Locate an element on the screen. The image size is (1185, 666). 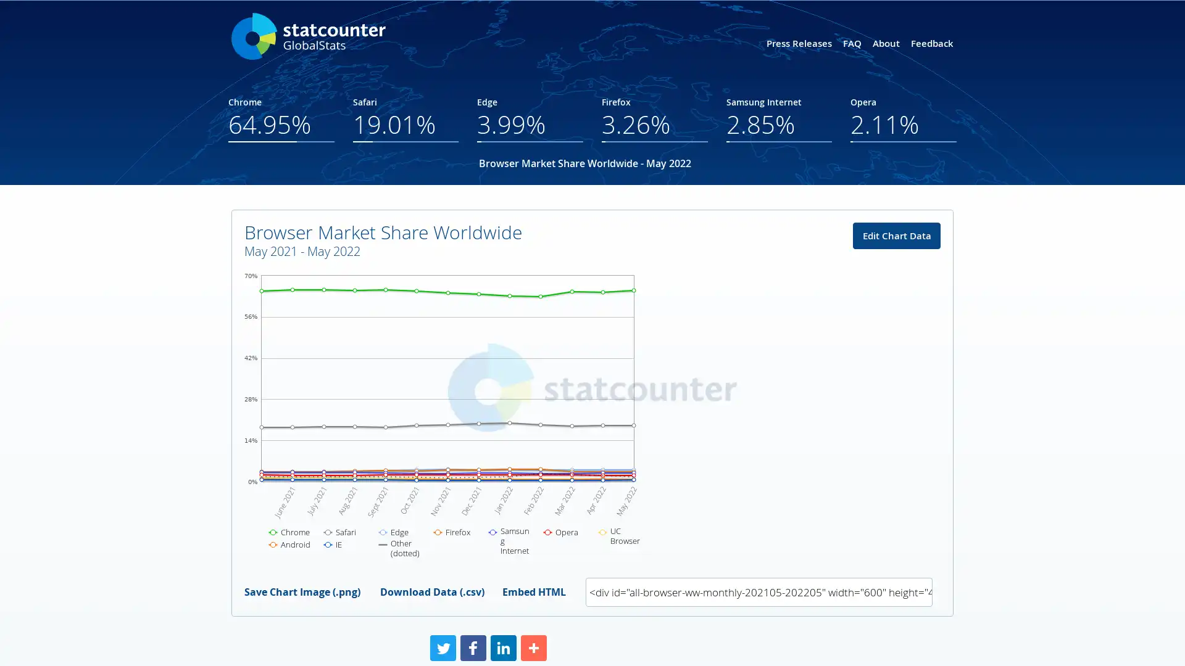
Share to More More is located at coordinates (663, 647).